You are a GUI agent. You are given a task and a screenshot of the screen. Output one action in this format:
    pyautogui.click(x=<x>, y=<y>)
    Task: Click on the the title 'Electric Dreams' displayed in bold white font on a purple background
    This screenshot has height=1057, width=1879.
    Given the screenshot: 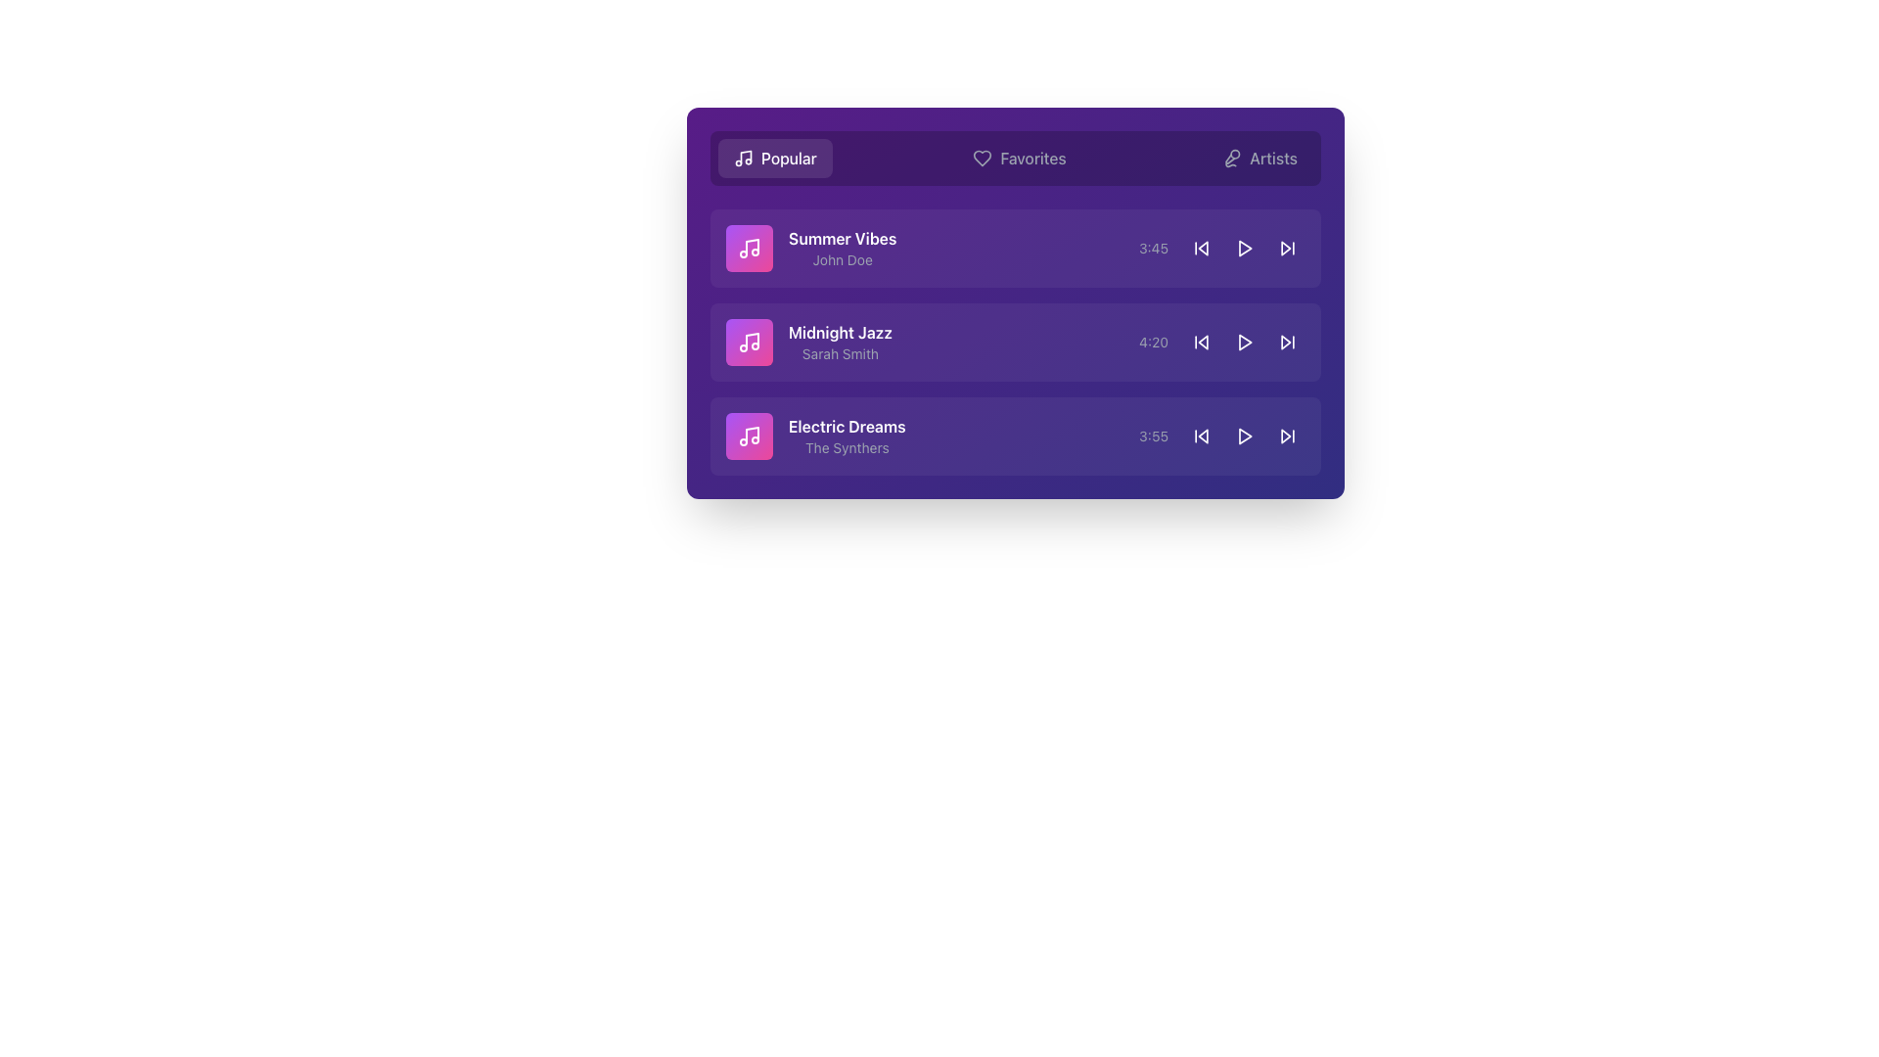 What is the action you would take?
    pyautogui.click(x=847, y=425)
    